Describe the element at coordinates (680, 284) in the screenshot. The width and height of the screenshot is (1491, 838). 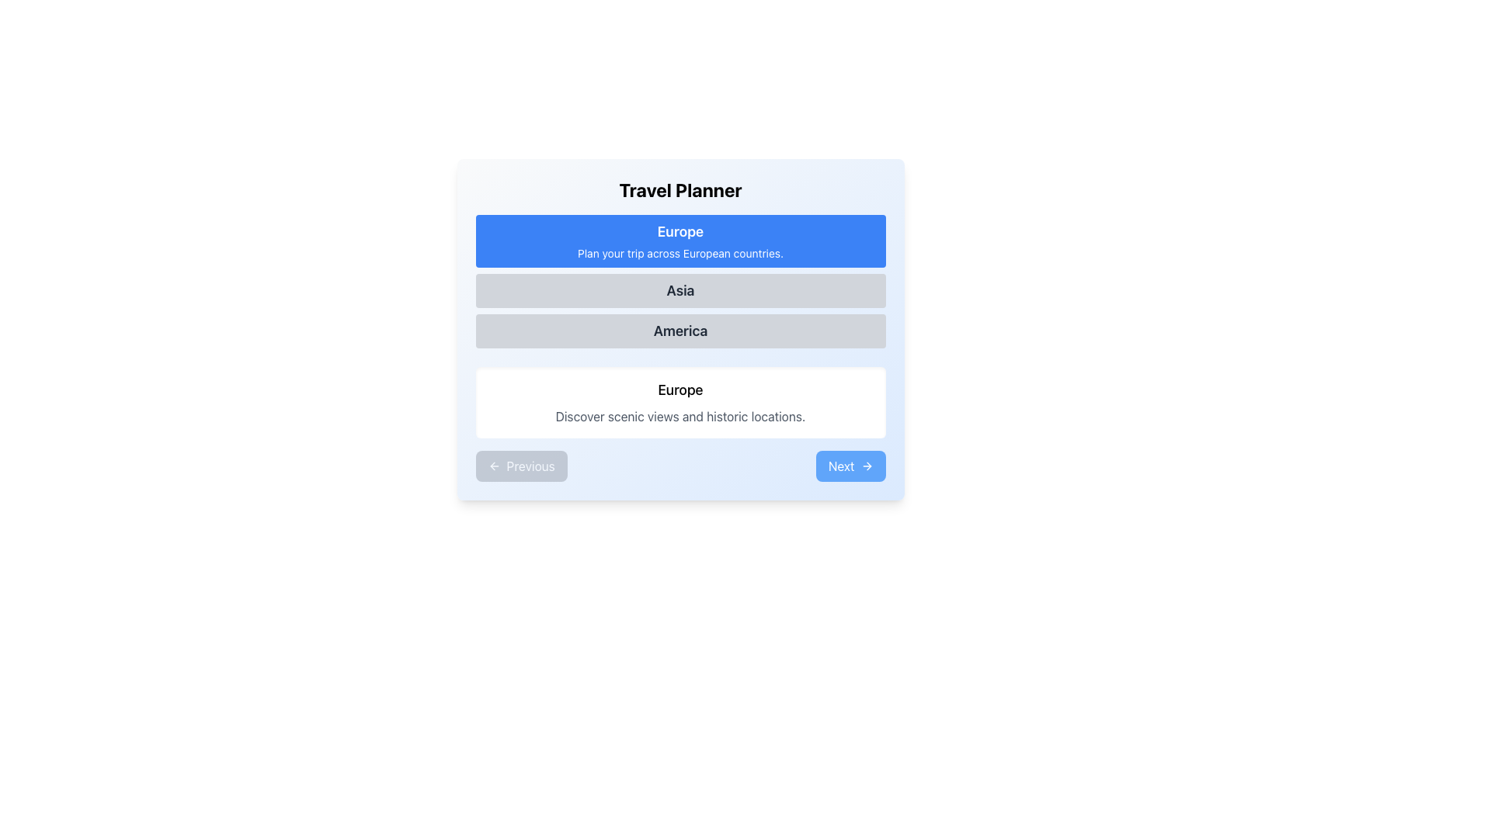
I see `the middle section titled 'Asia' in the Grouped Text Sections` at that location.